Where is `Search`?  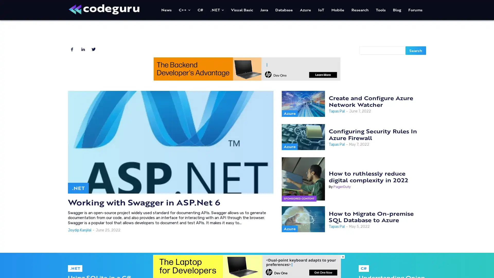
Search is located at coordinates (416, 50).